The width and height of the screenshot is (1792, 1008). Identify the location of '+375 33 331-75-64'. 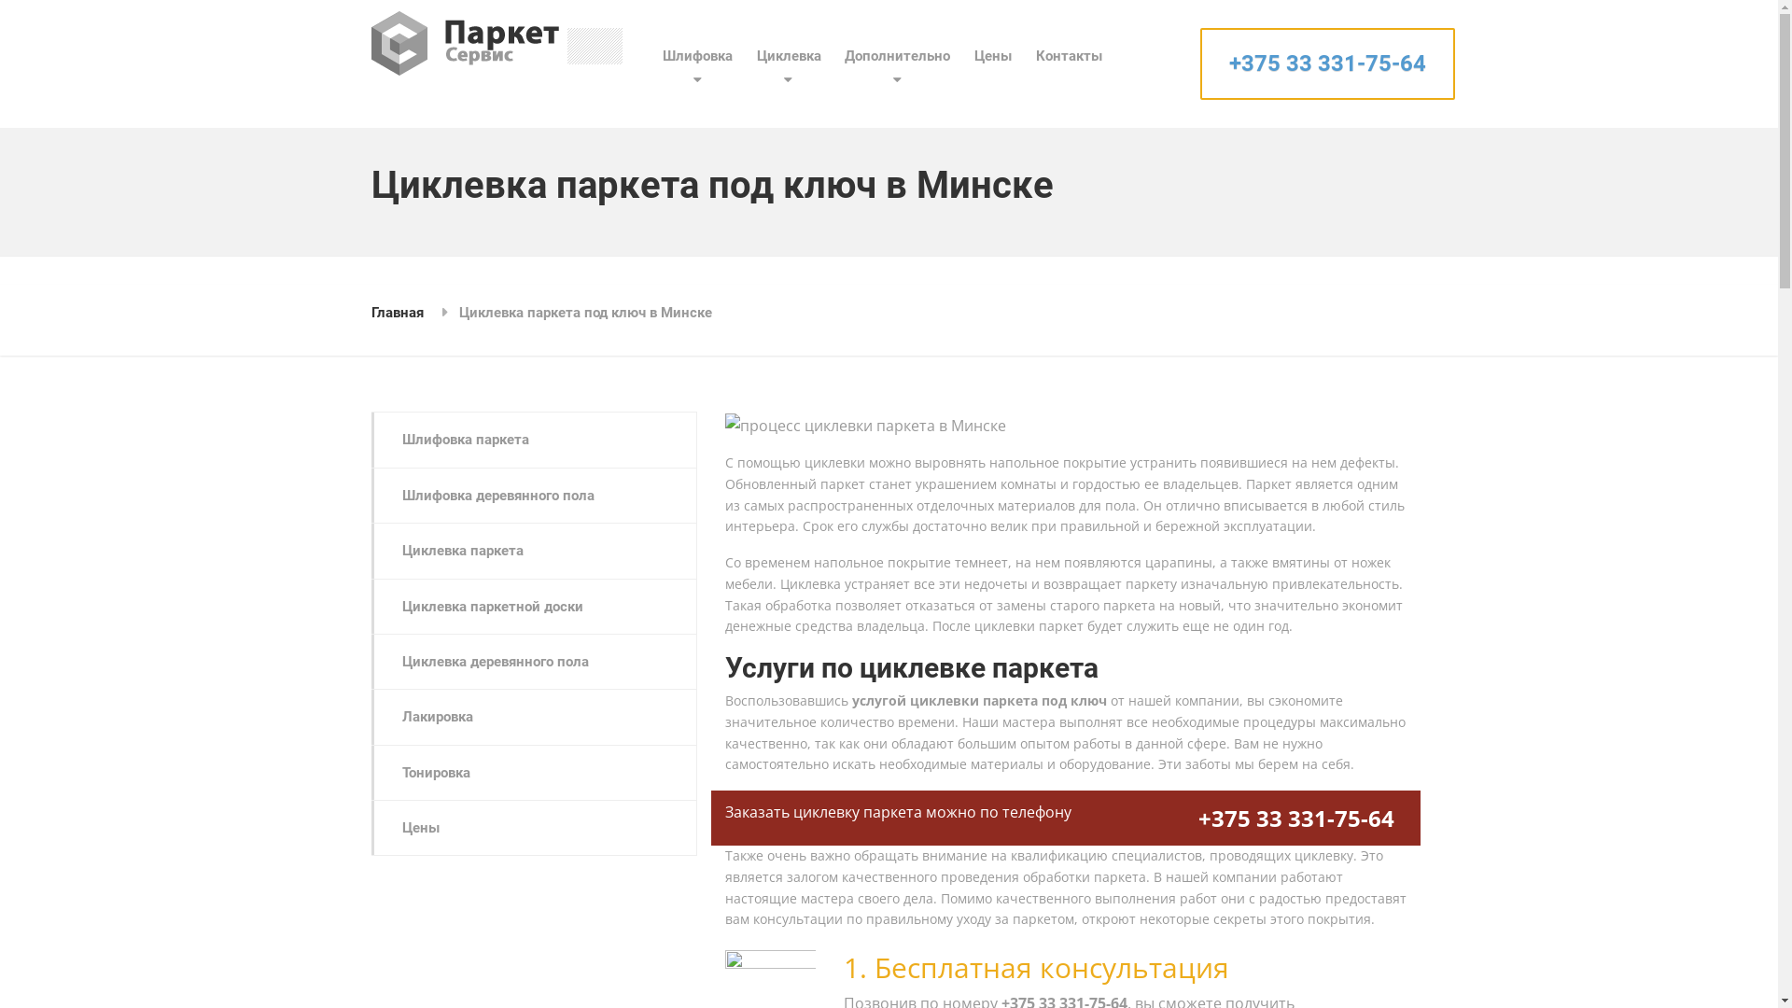
(1325, 63).